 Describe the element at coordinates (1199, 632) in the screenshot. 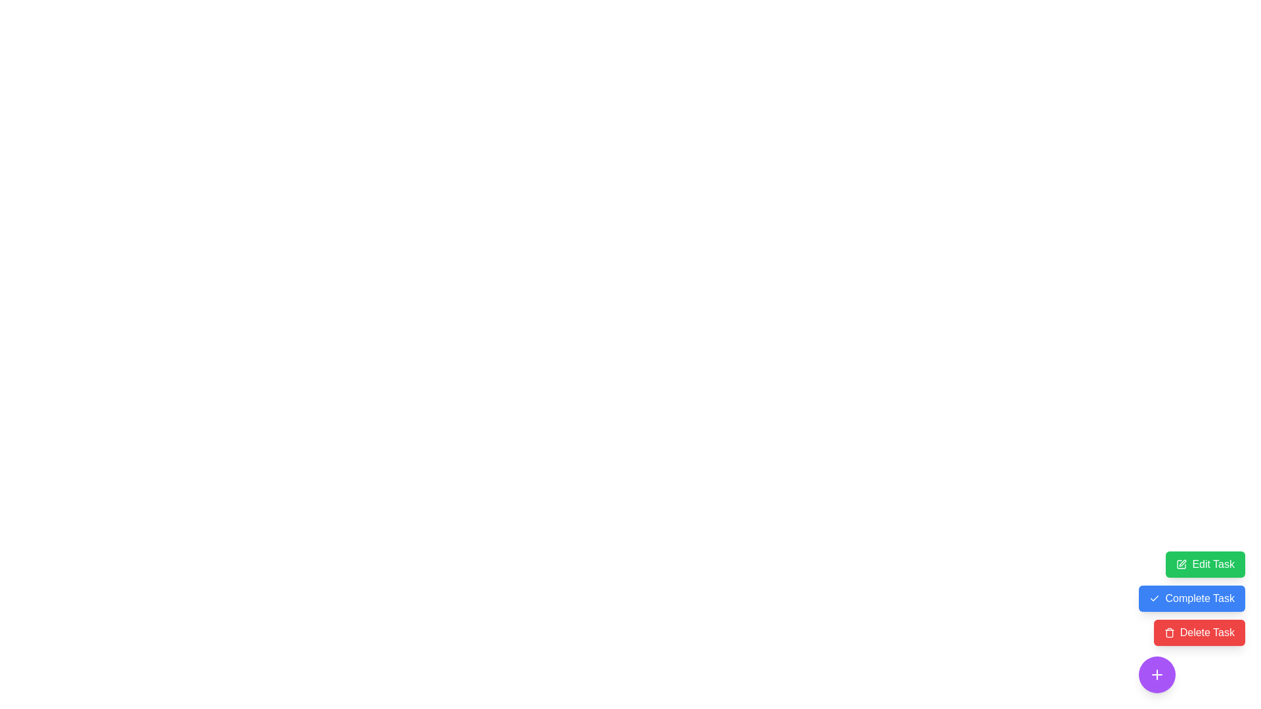

I see `the 'Delete Task' button, which is a rectangular button with a red background and white text, located at the bottom of a stack of buttons near the bottom right corner of the interface` at that location.